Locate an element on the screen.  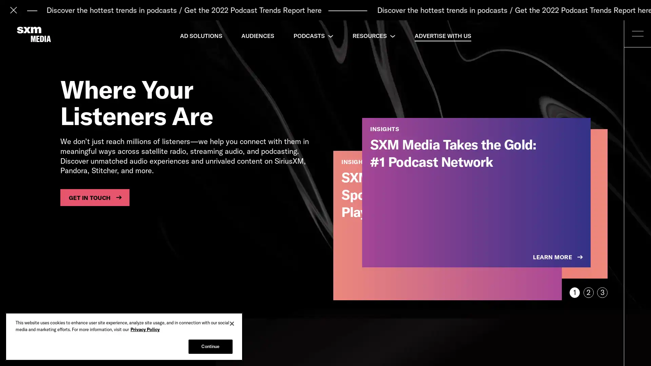
2 is located at coordinates (588, 292).